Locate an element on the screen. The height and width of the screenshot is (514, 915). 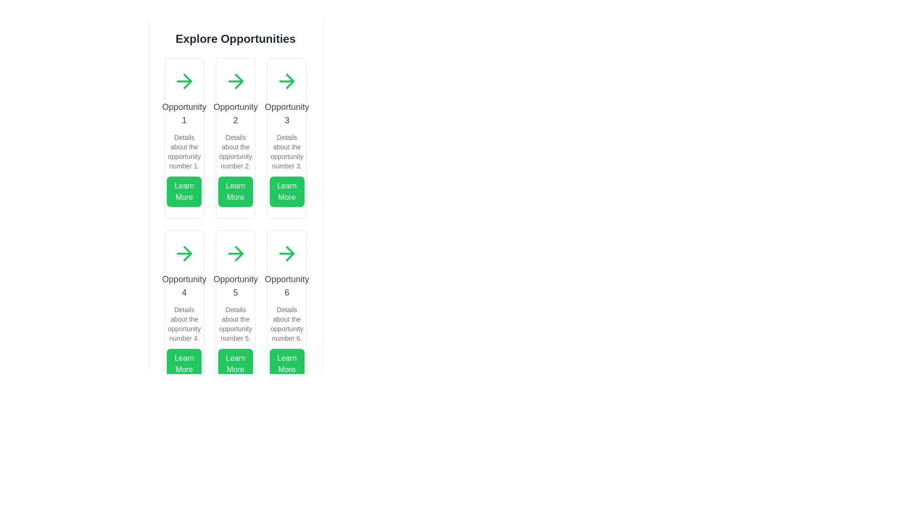
the static text header that serves as the title for the section indicating content focus on exploring available opportunities is located at coordinates (235, 38).